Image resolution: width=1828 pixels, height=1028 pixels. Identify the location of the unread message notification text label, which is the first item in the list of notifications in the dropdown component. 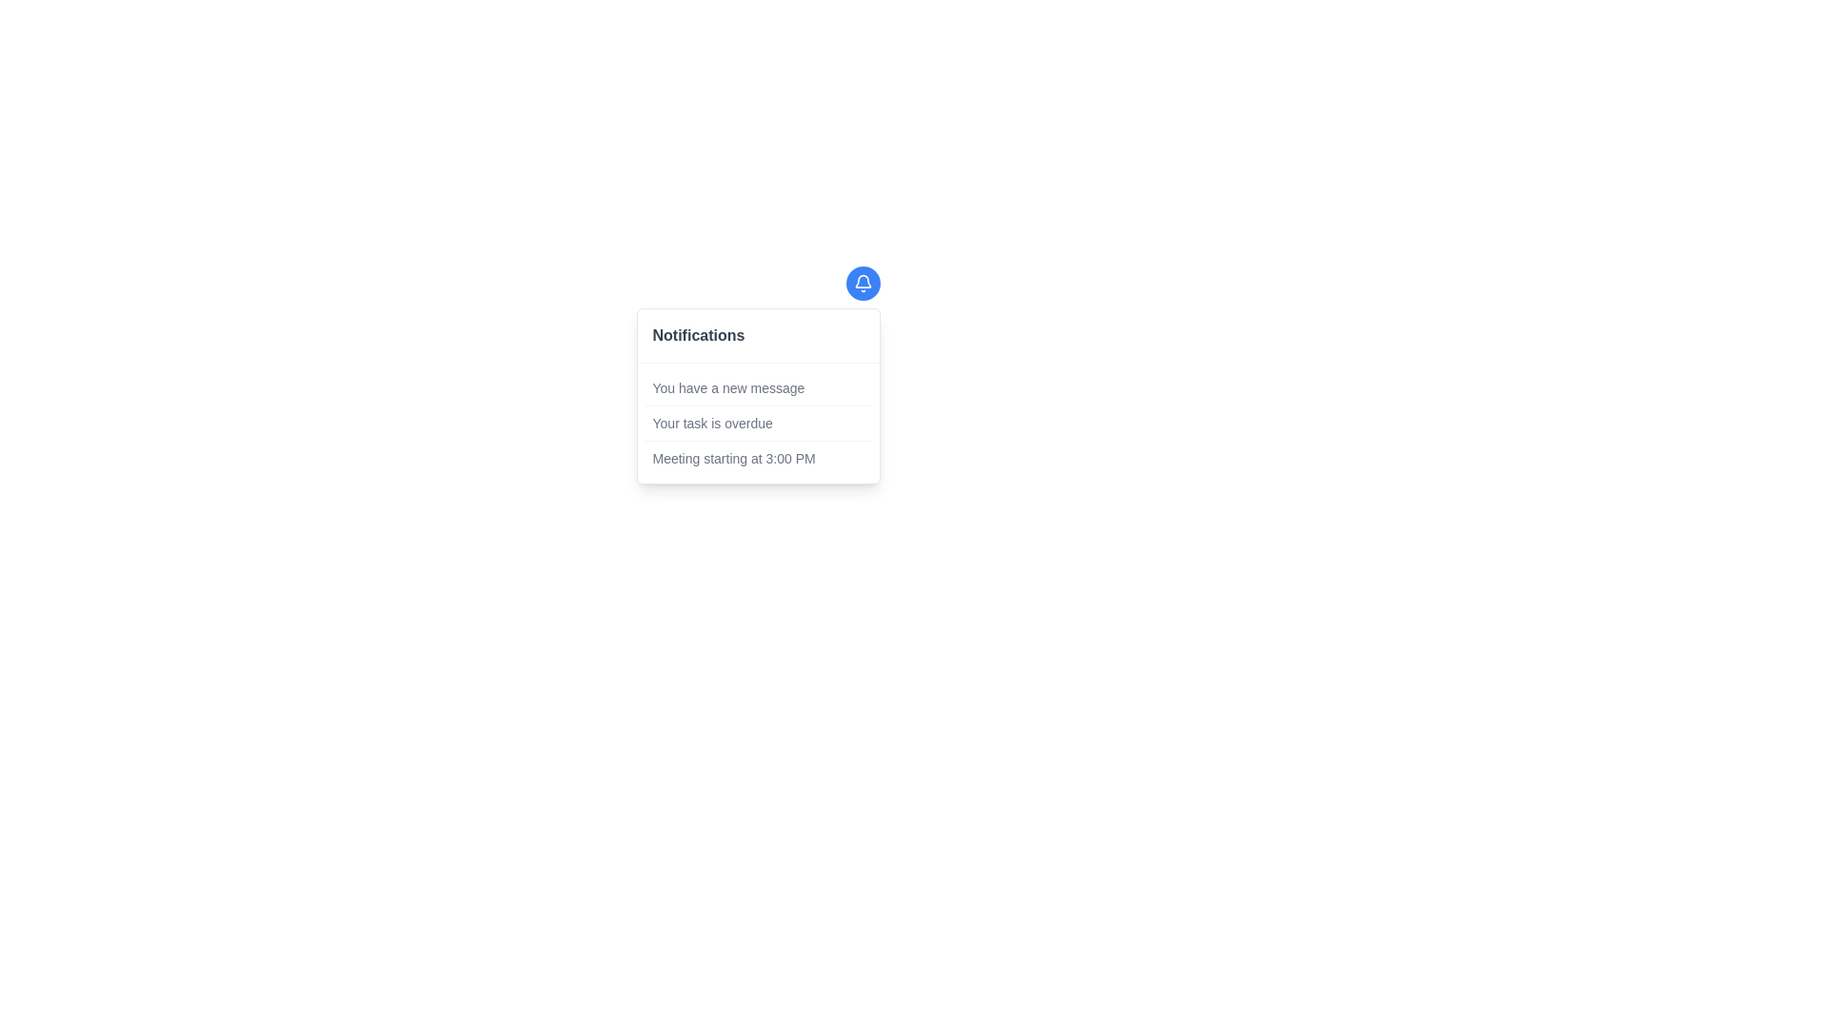
(757, 387).